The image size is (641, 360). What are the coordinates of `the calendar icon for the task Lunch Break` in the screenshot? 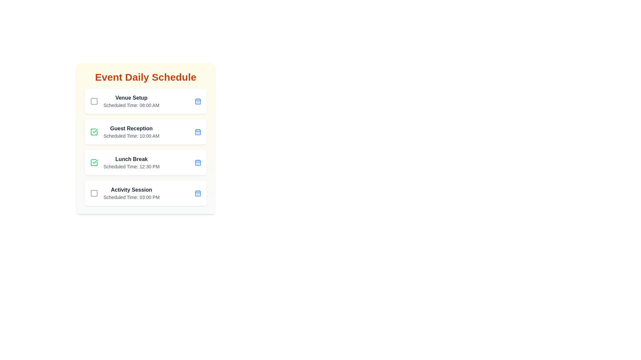 It's located at (198, 163).